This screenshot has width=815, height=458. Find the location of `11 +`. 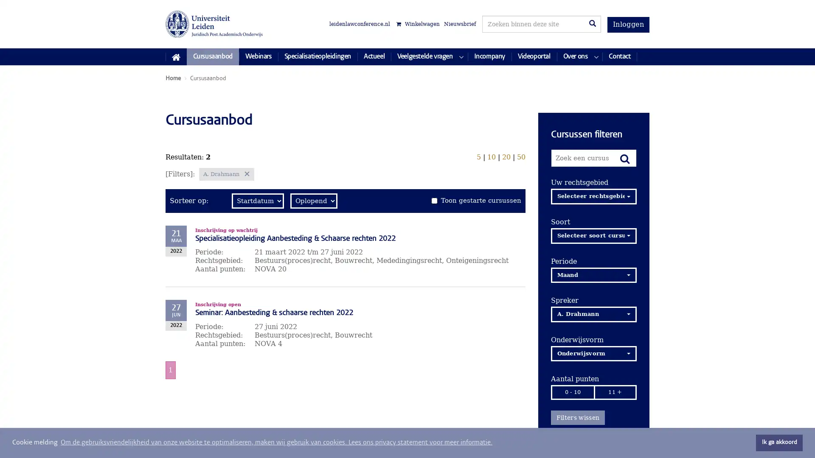

11 + is located at coordinates (615, 392).